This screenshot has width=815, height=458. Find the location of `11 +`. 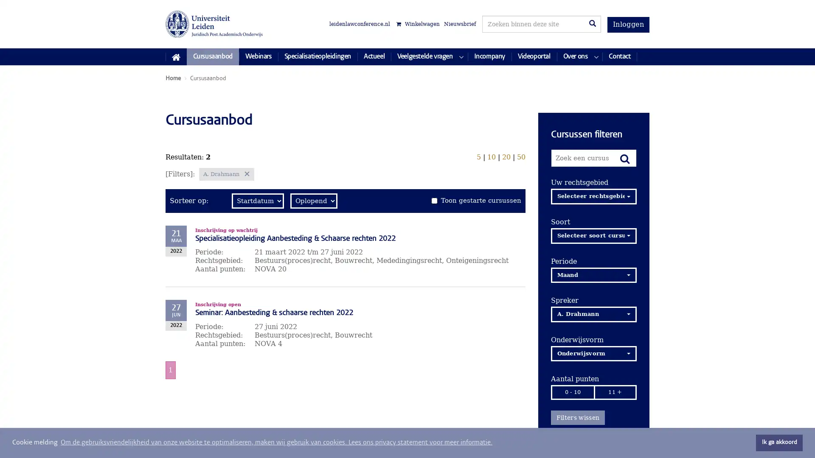

11 + is located at coordinates (615, 392).